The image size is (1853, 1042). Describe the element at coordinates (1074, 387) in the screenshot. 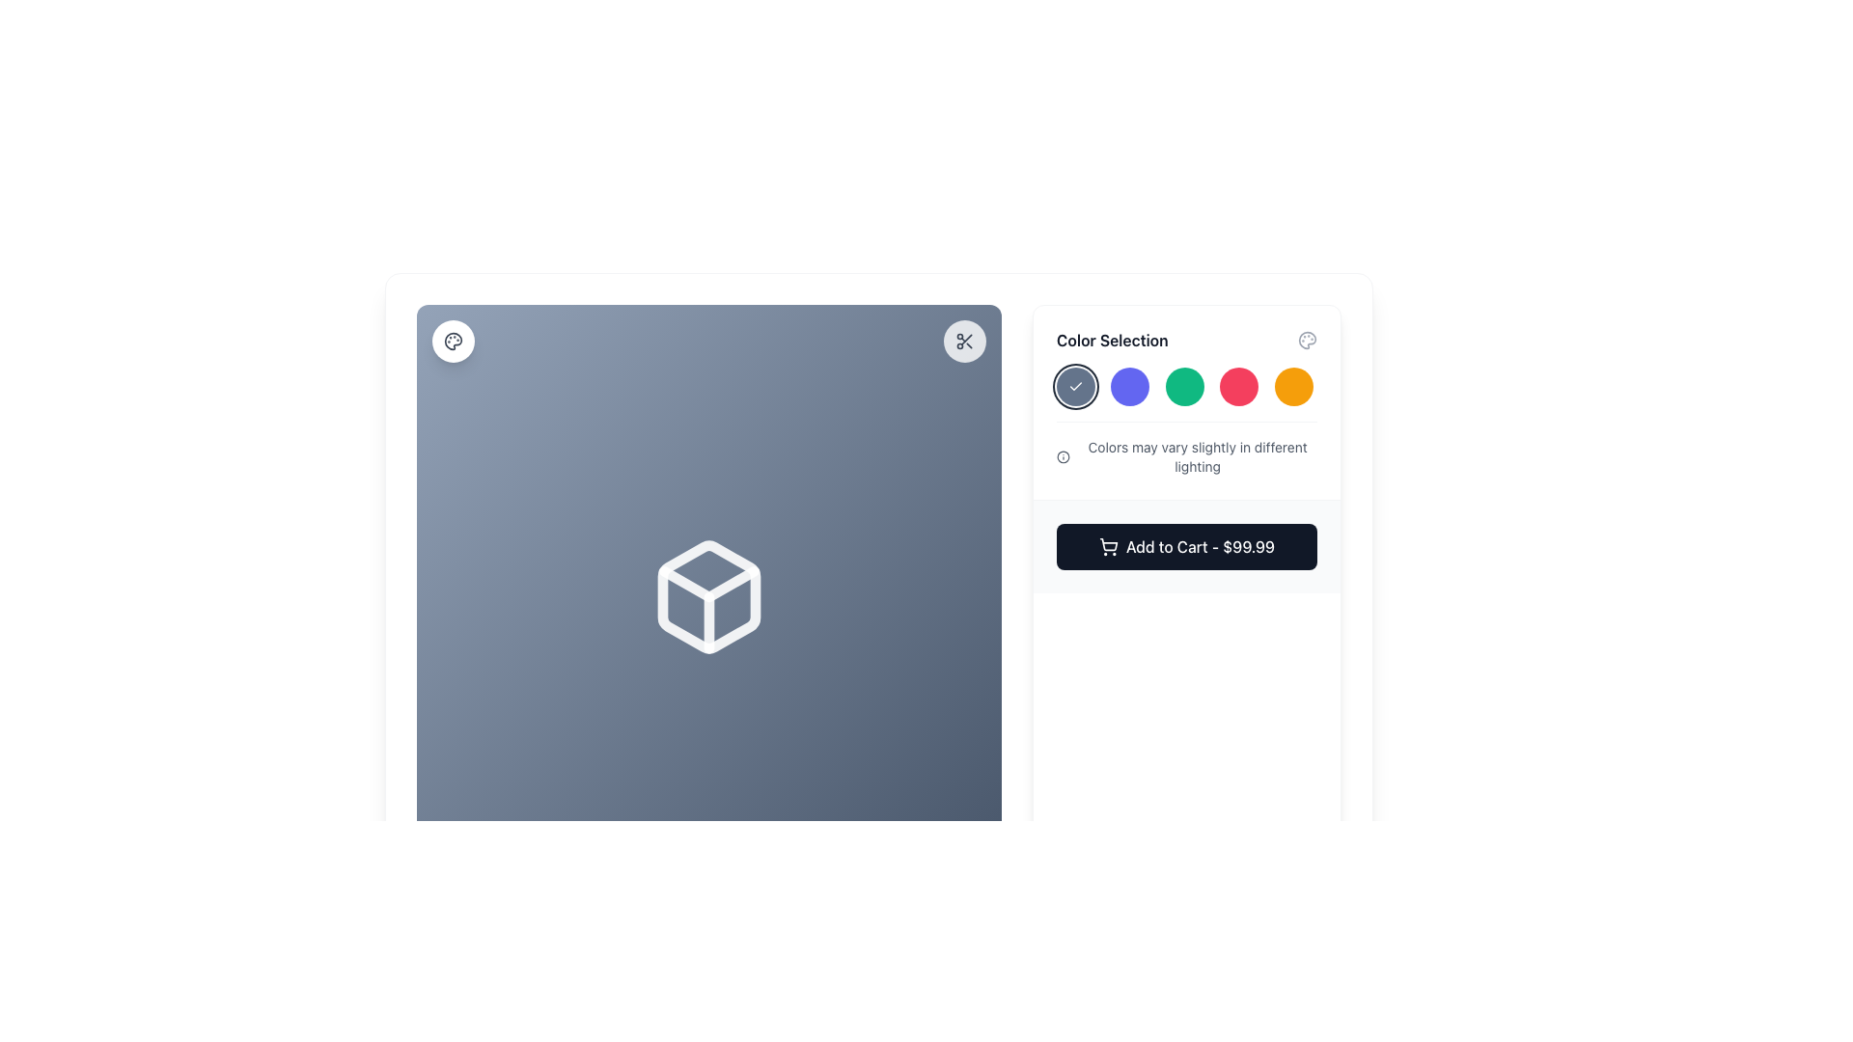

I see `the first selectable button with a checkmark icon` at that location.